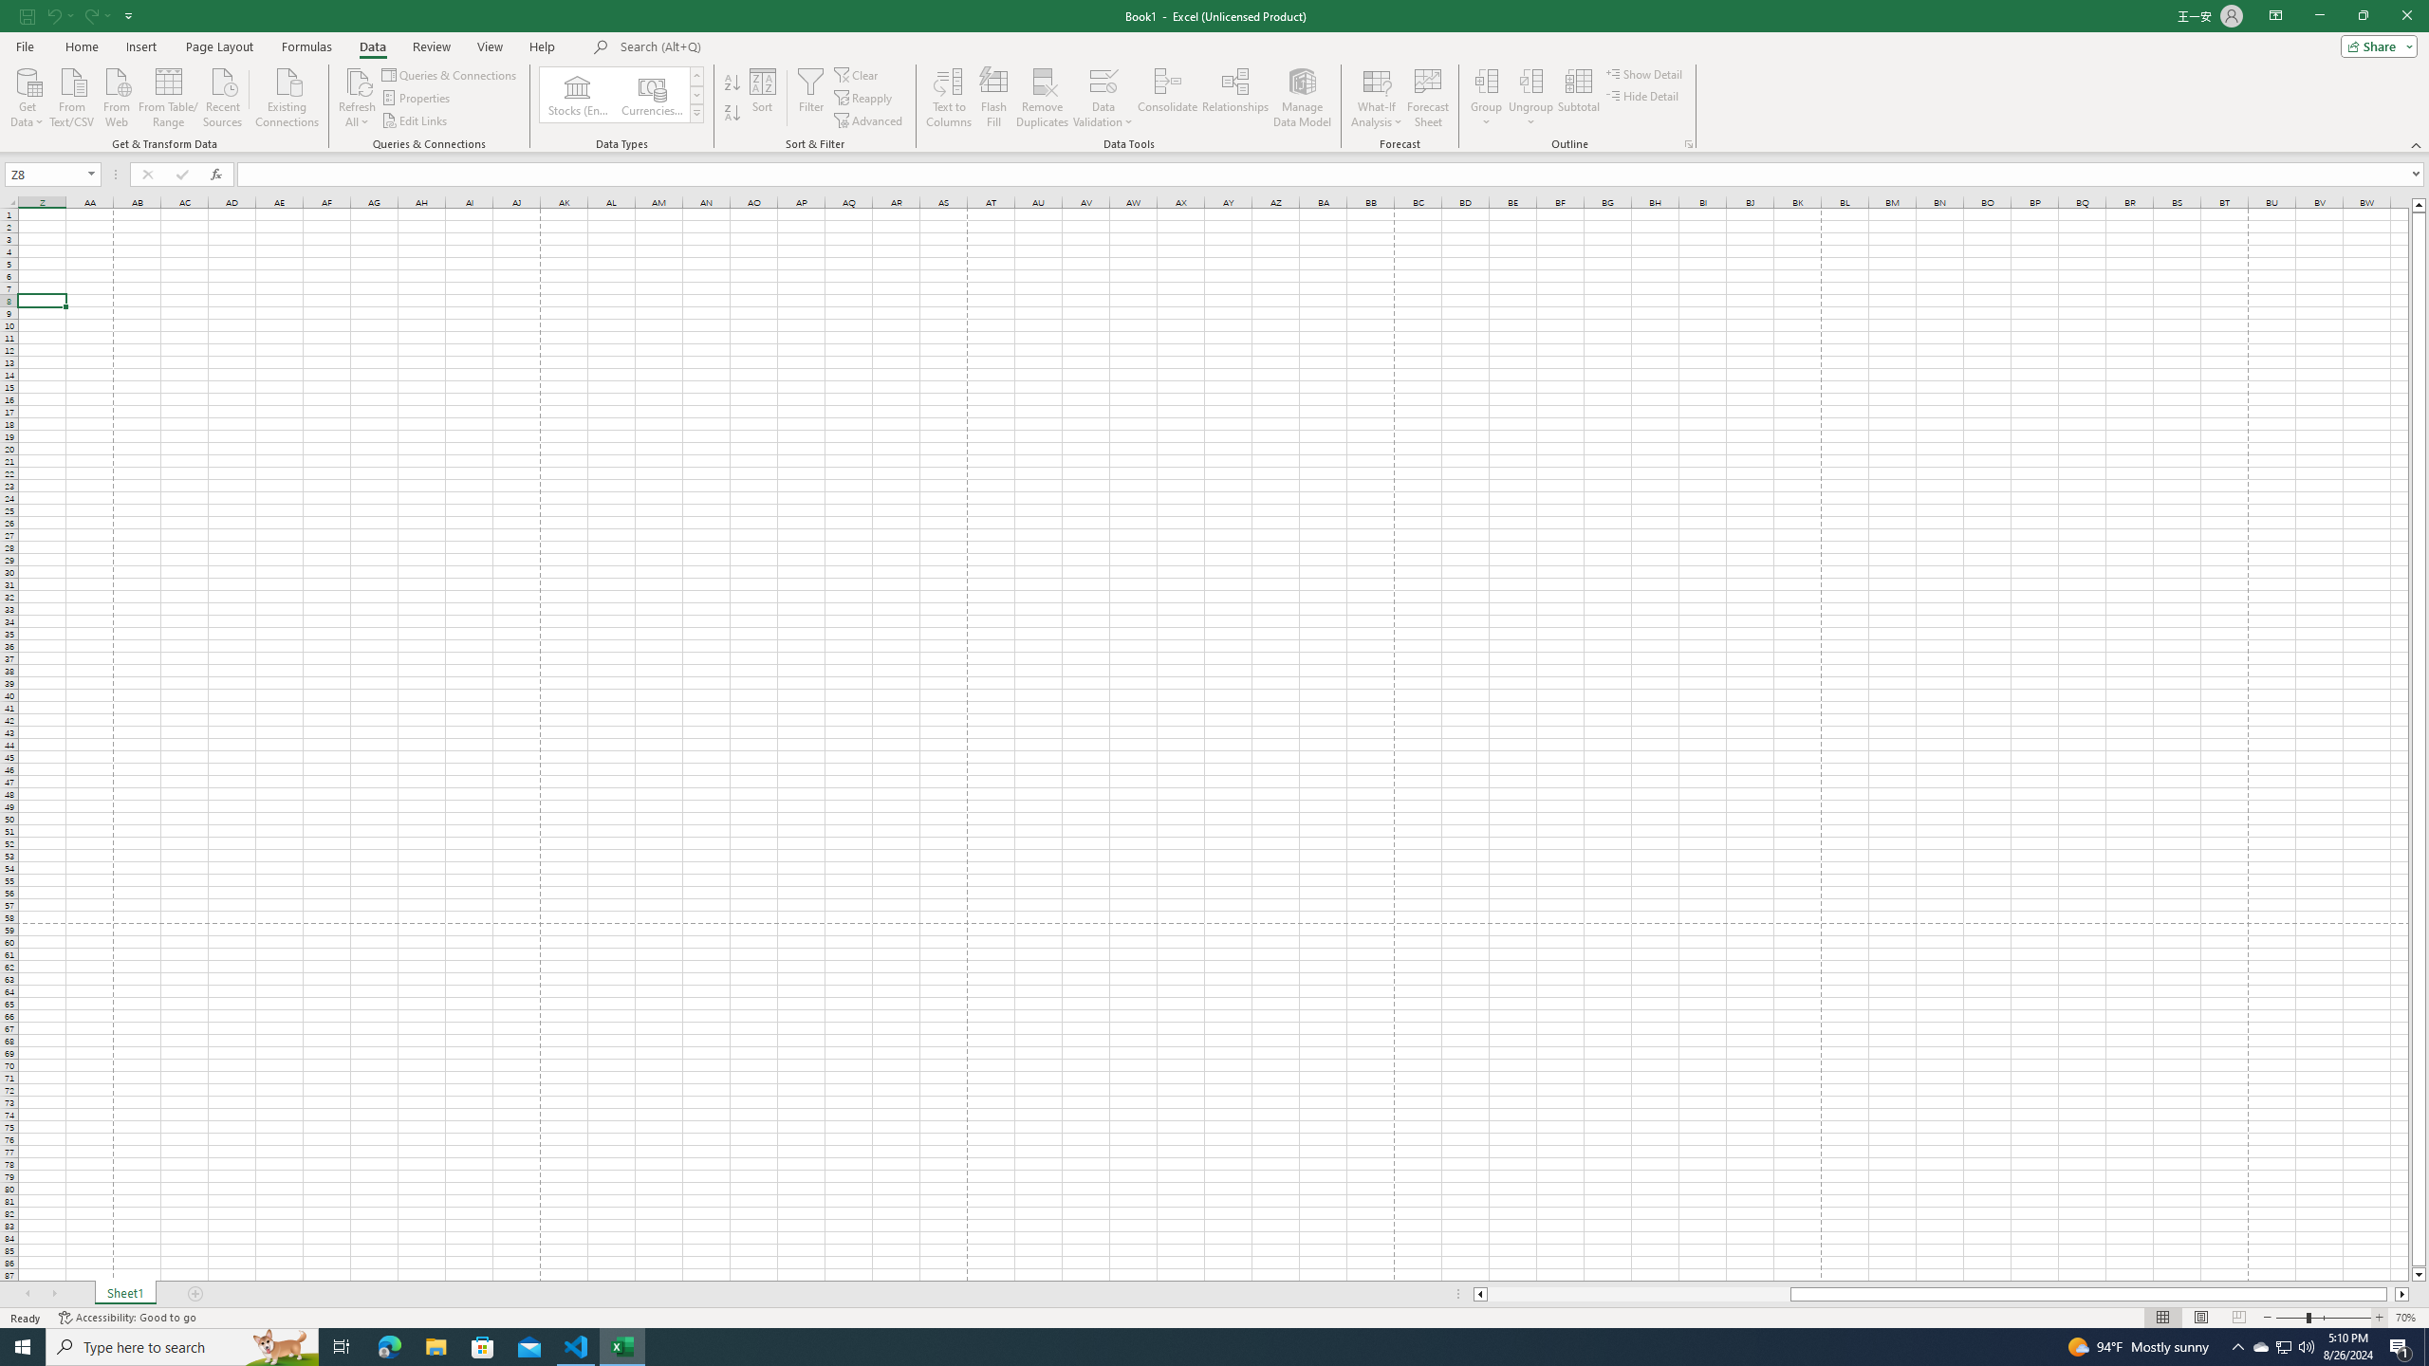  Describe the element at coordinates (1643, 94) in the screenshot. I see `'Hide Detail'` at that location.